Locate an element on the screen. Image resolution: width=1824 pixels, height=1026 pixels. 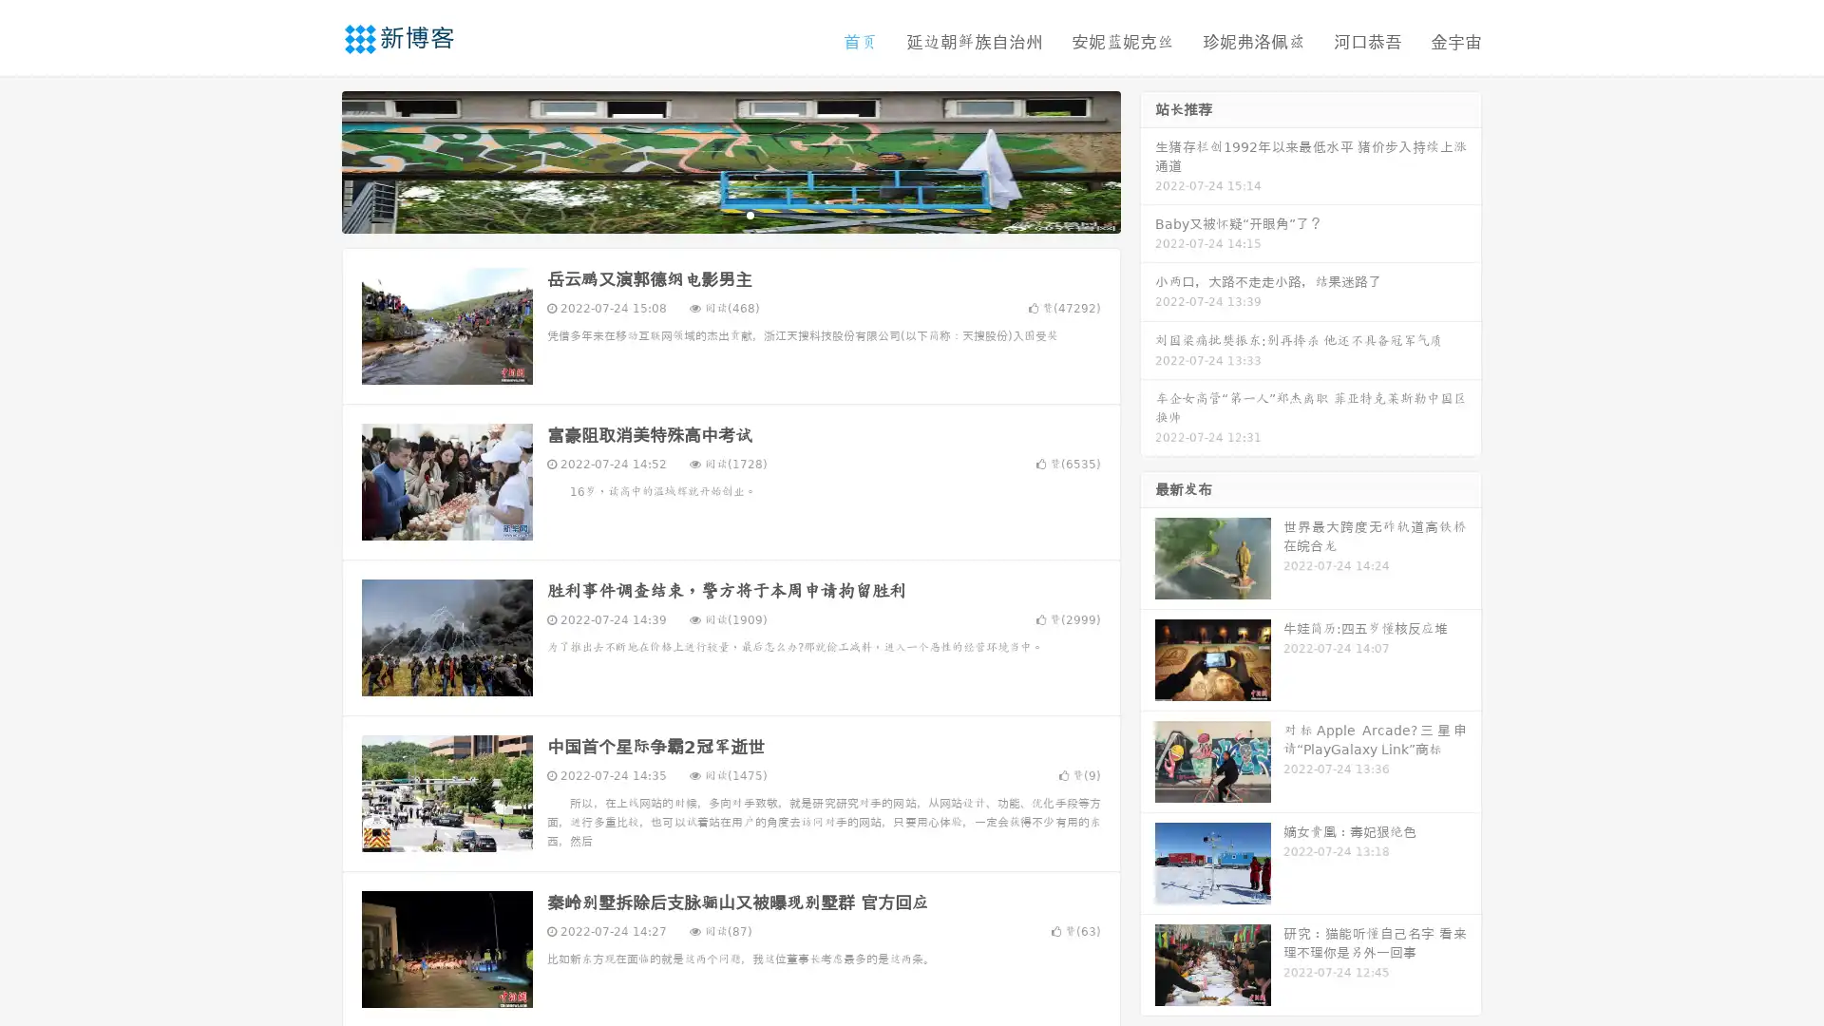
Go to slide 1 is located at coordinates (711, 214).